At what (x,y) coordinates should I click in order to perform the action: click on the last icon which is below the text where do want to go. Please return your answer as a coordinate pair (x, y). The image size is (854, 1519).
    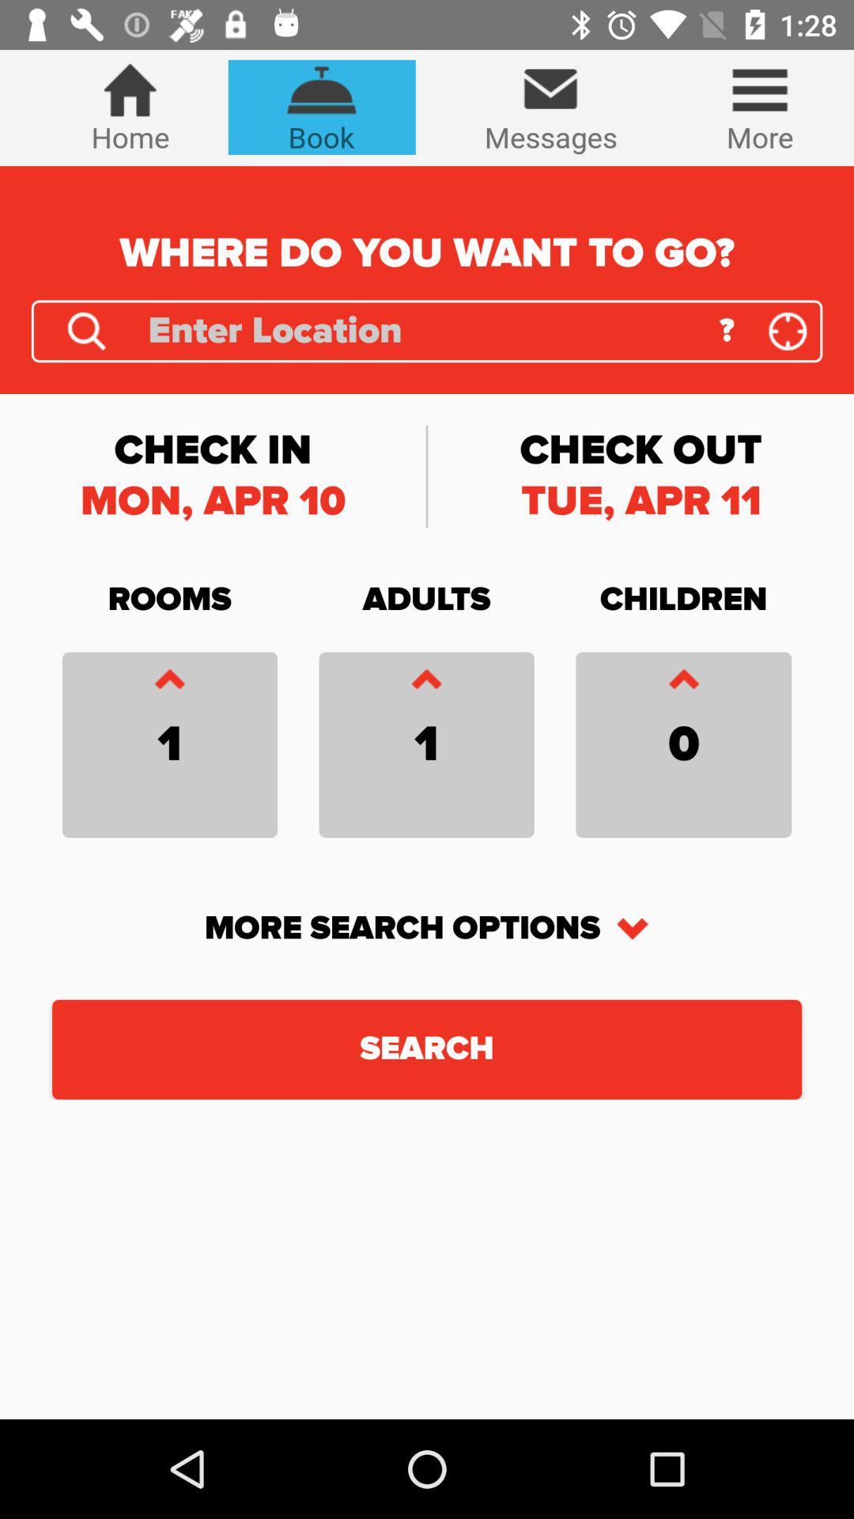
    Looking at the image, I should click on (788, 330).